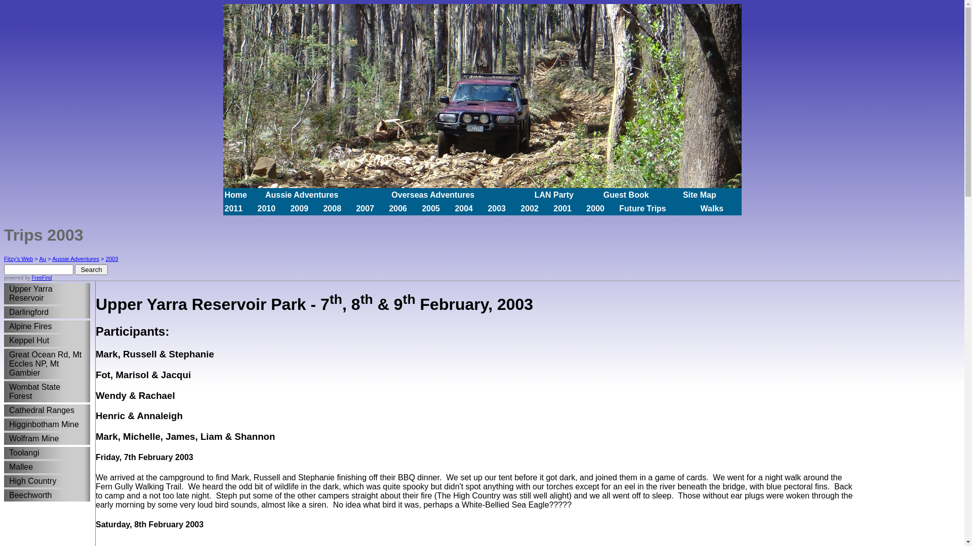 This screenshot has width=972, height=546. I want to click on 'FreeFind', so click(40, 278).